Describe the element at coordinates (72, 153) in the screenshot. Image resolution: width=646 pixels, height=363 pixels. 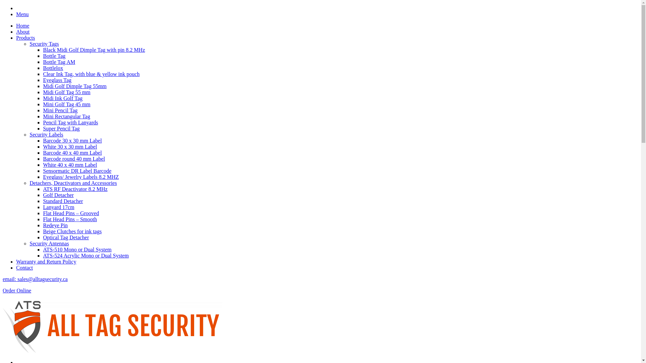
I see `'Barcode 40 x 40 mm Label'` at that location.